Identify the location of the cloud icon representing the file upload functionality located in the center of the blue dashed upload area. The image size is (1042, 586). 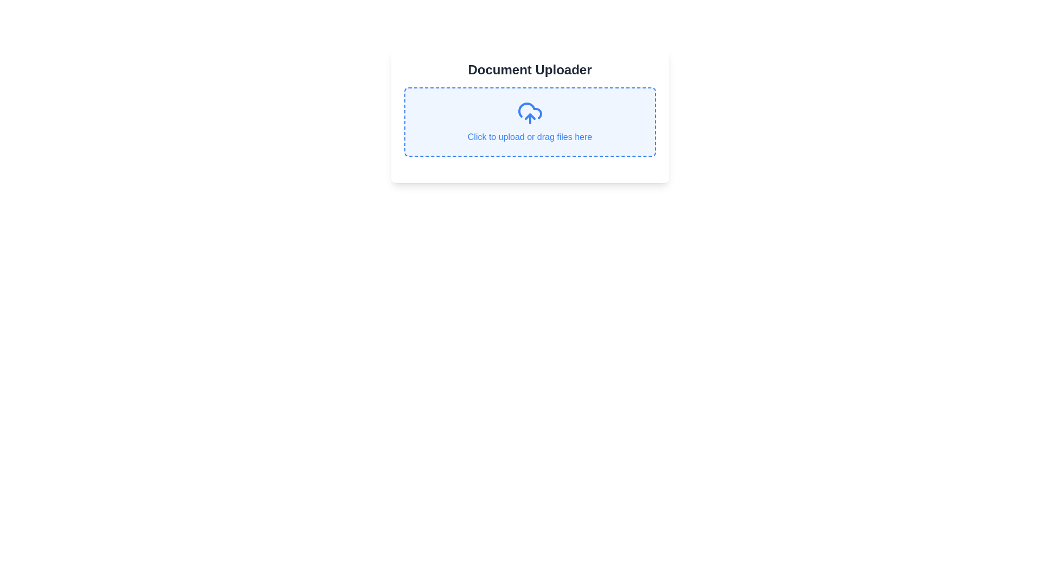
(530, 113).